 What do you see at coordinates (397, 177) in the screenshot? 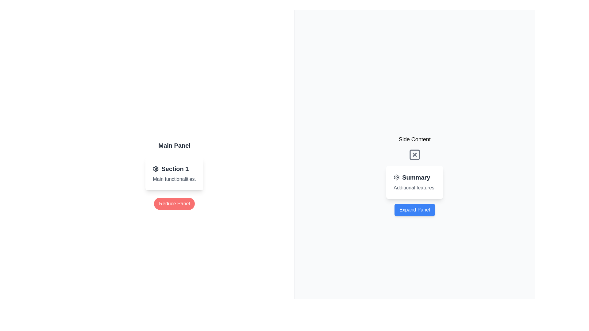
I see `the settings icon located in the Main Panel area next to the title 'Section 1', which is part of an SVG group with the 'lucide-settings' class` at bounding box center [397, 177].